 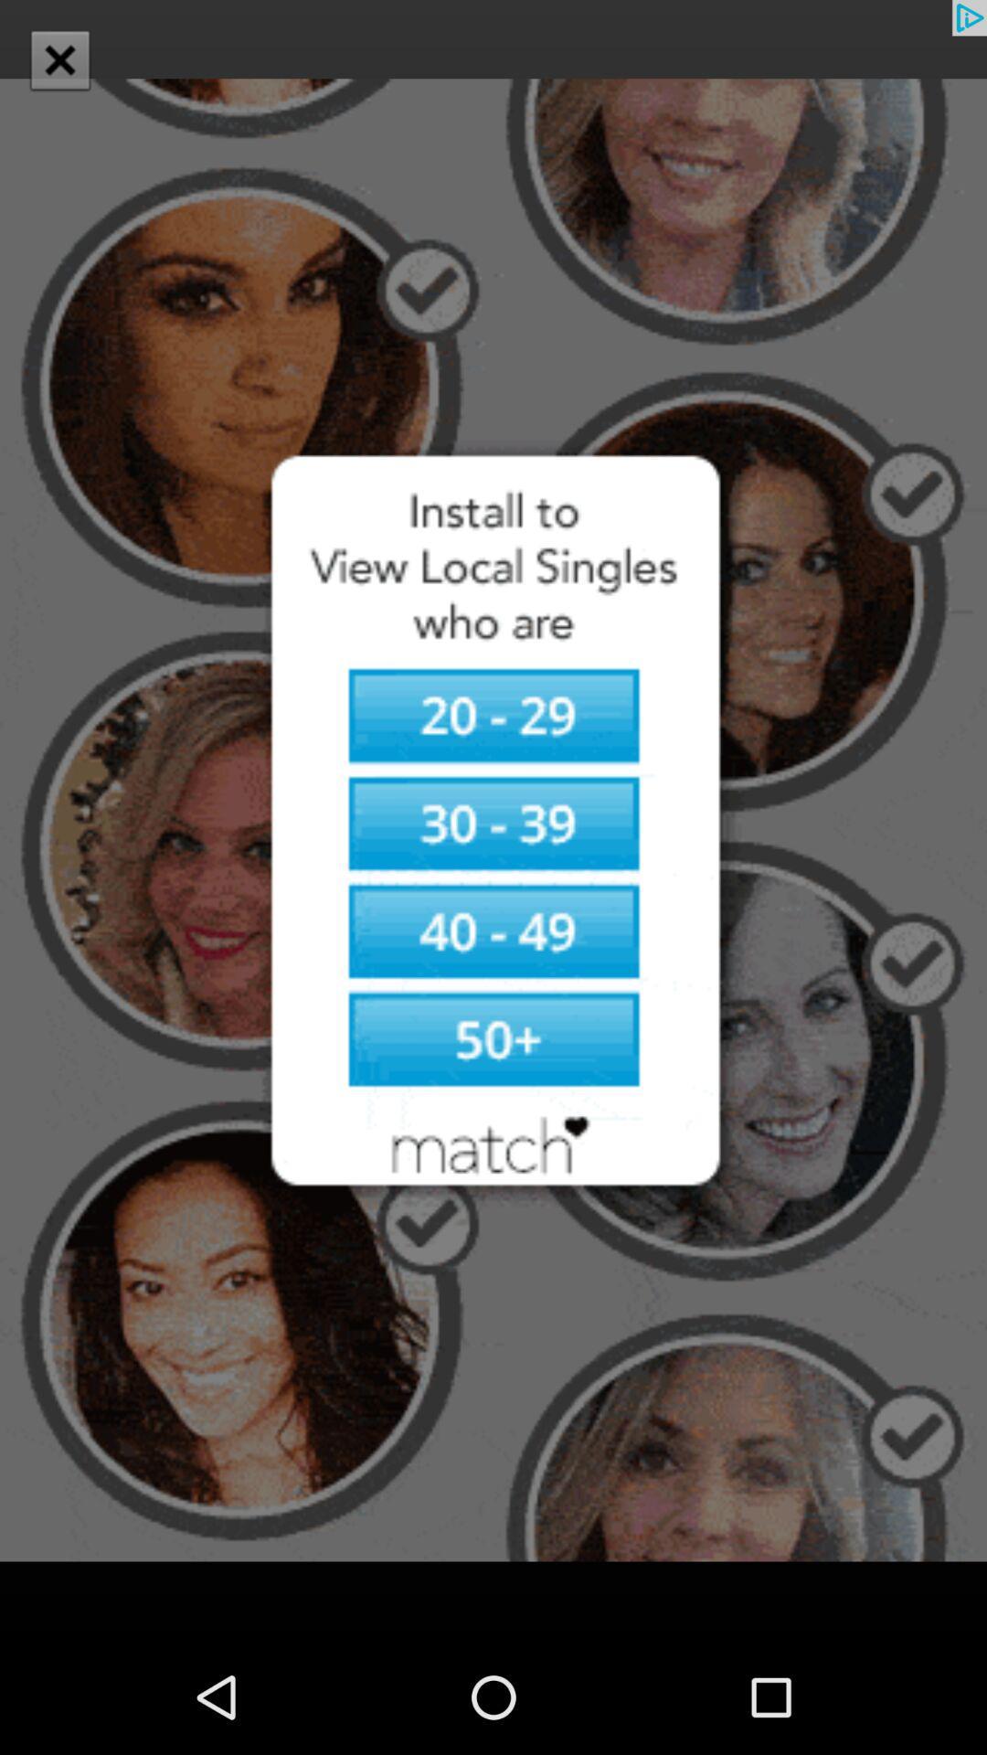 What do you see at coordinates (58, 64) in the screenshot?
I see `the close icon` at bounding box center [58, 64].